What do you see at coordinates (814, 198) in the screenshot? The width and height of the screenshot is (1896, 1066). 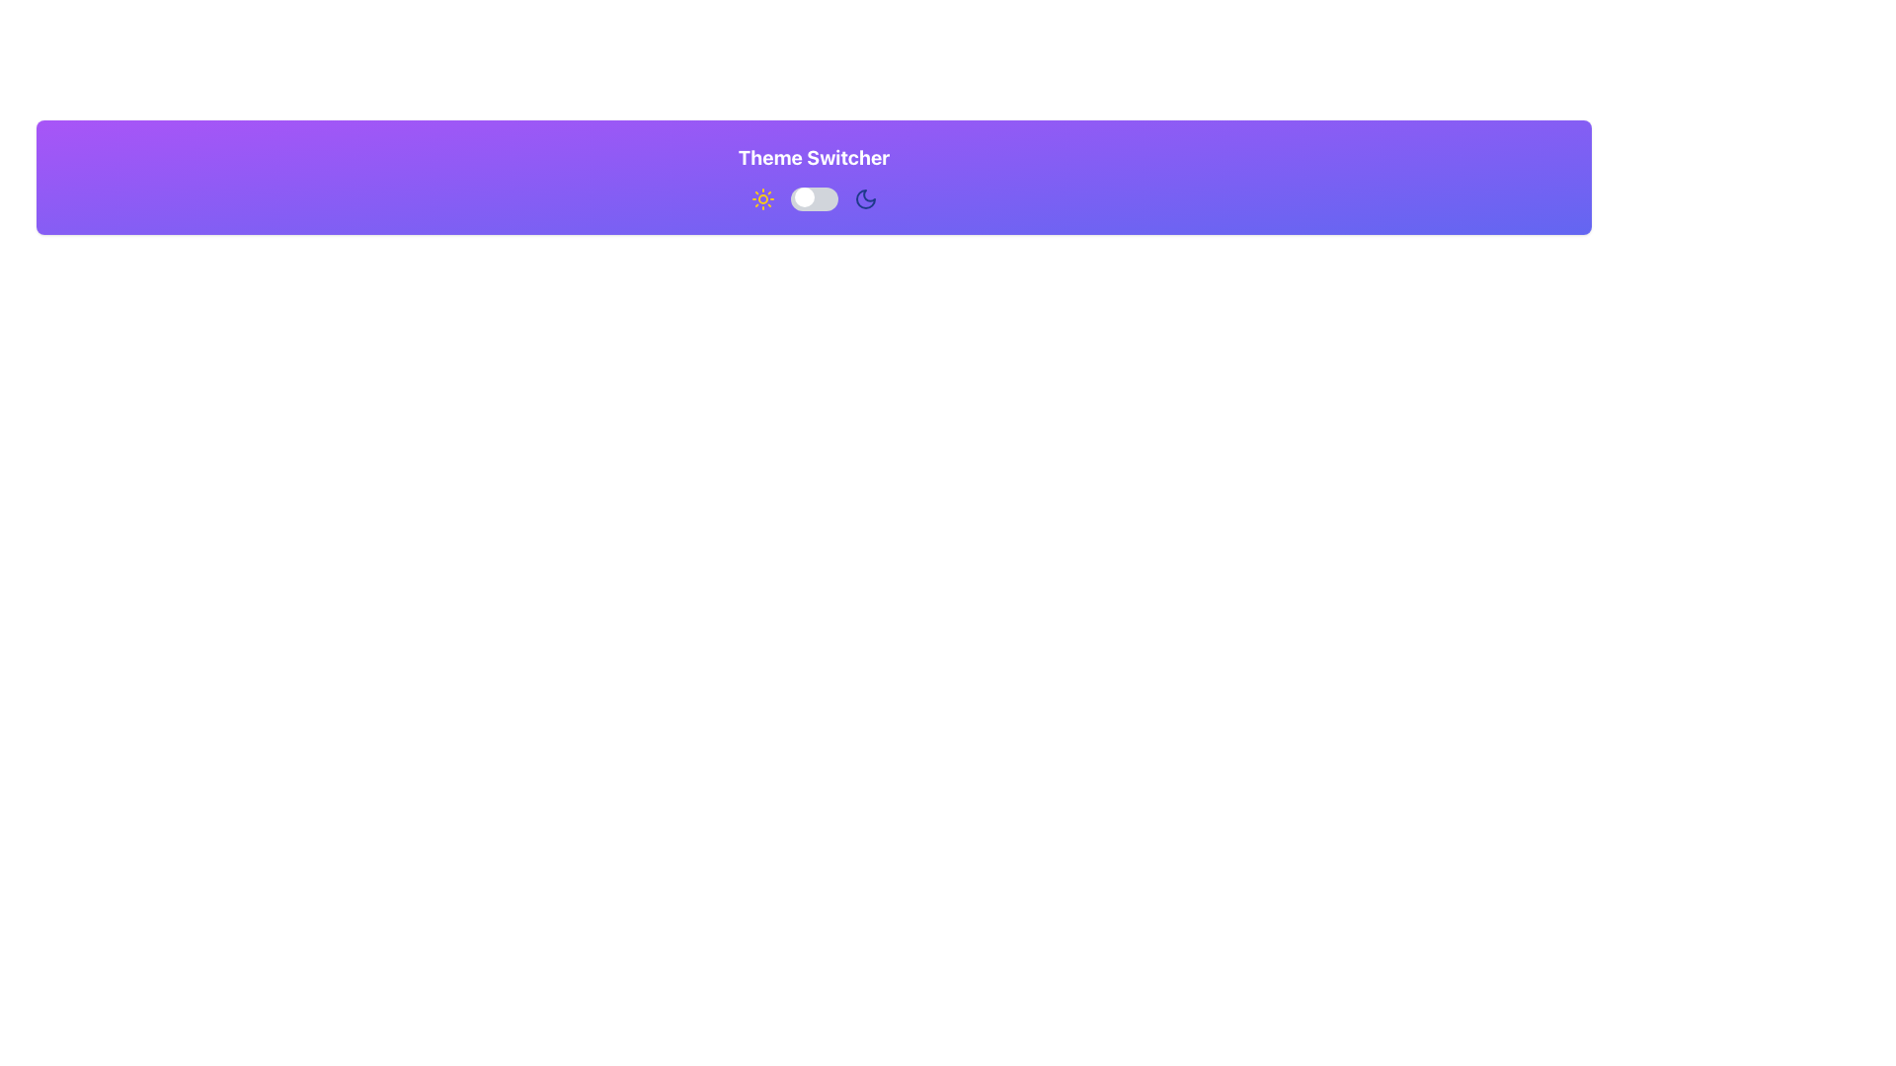 I see `the toggle switch for the theme switcher` at bounding box center [814, 198].